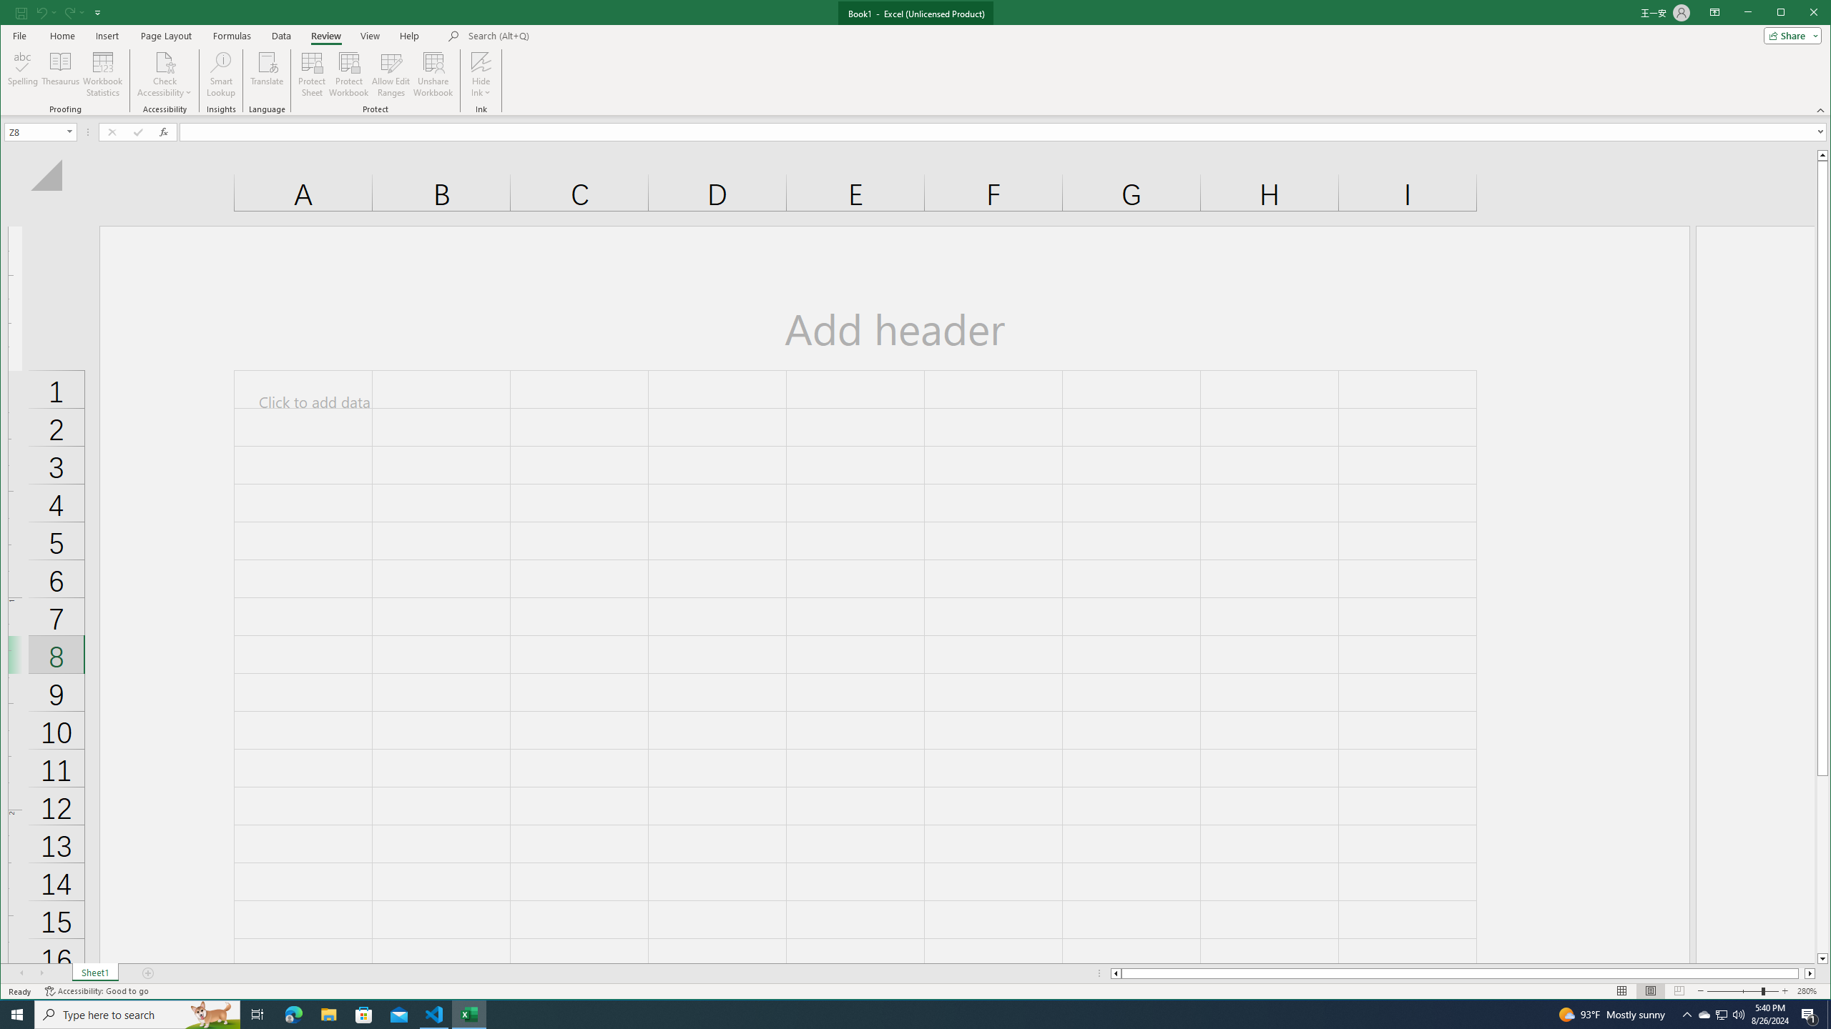  I want to click on 'Thesaurus...', so click(61, 74).